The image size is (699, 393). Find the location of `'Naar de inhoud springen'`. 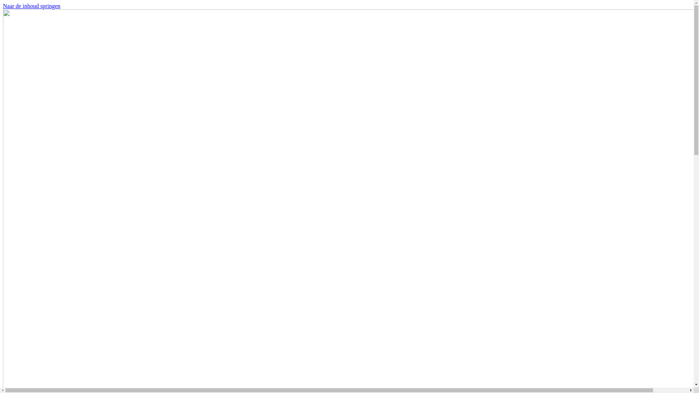

'Naar de inhoud springen' is located at coordinates (31, 6).